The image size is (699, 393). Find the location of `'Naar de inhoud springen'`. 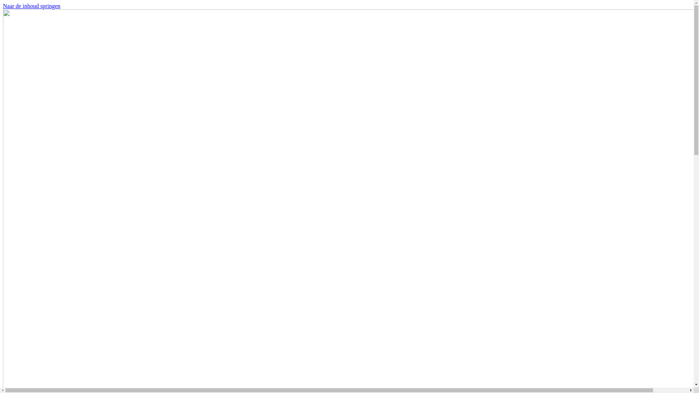

'Naar de inhoud springen' is located at coordinates (31, 6).